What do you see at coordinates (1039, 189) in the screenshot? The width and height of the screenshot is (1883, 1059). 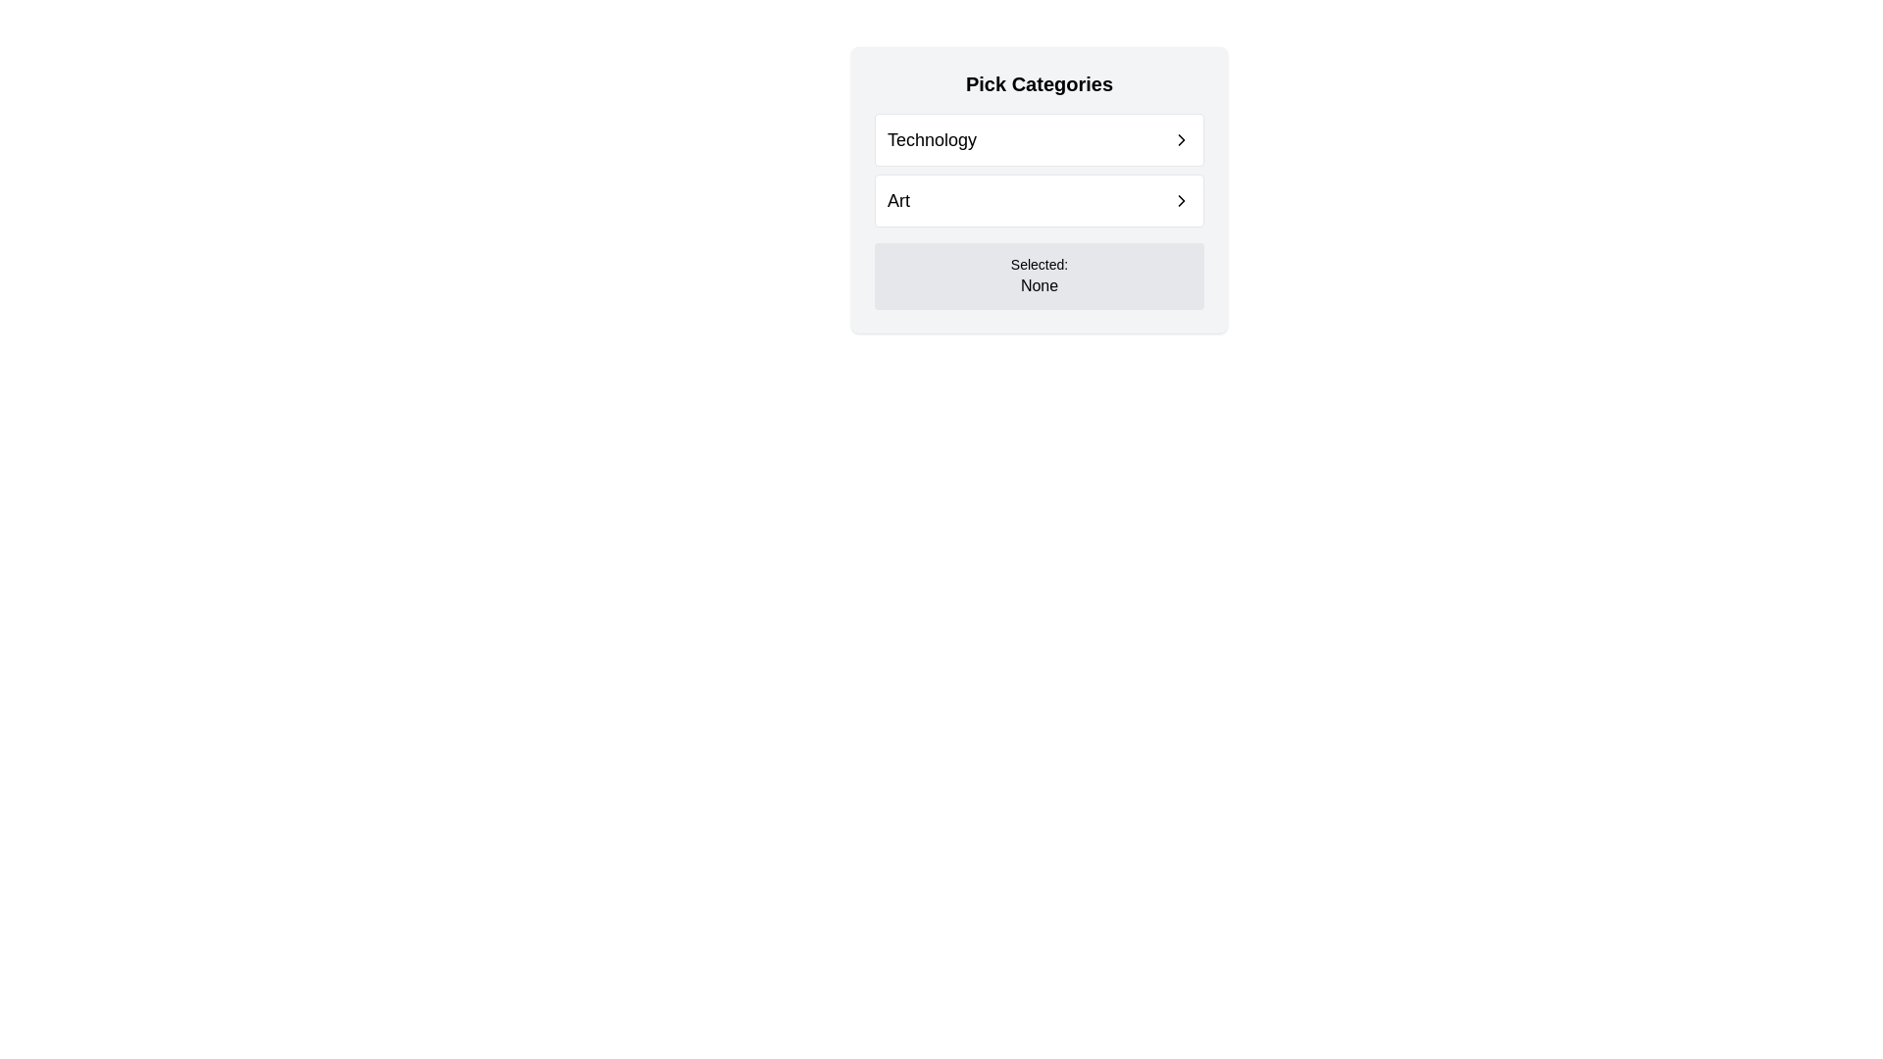 I see `the 'Art' category button, which is the second button from the top in the selectable options list, located below the 'Technology' option` at bounding box center [1039, 189].